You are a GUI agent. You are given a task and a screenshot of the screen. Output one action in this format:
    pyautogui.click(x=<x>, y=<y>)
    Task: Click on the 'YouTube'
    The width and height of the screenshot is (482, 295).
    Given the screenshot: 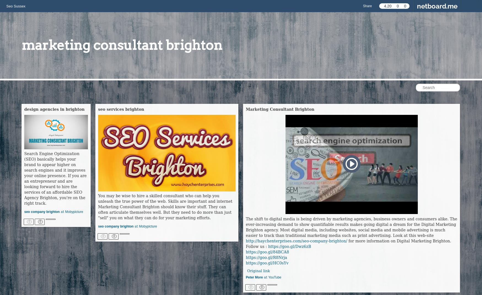 What is the action you would take?
    pyautogui.click(x=274, y=278)
    